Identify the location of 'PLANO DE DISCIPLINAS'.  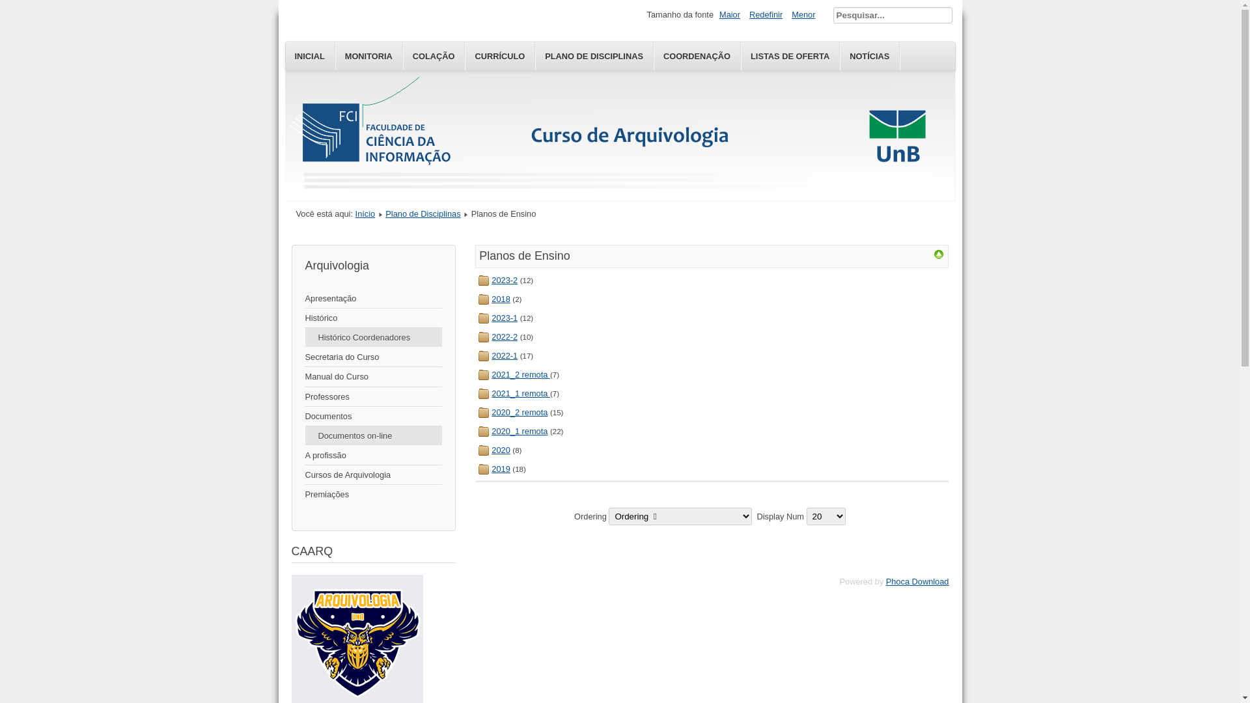
(593, 55).